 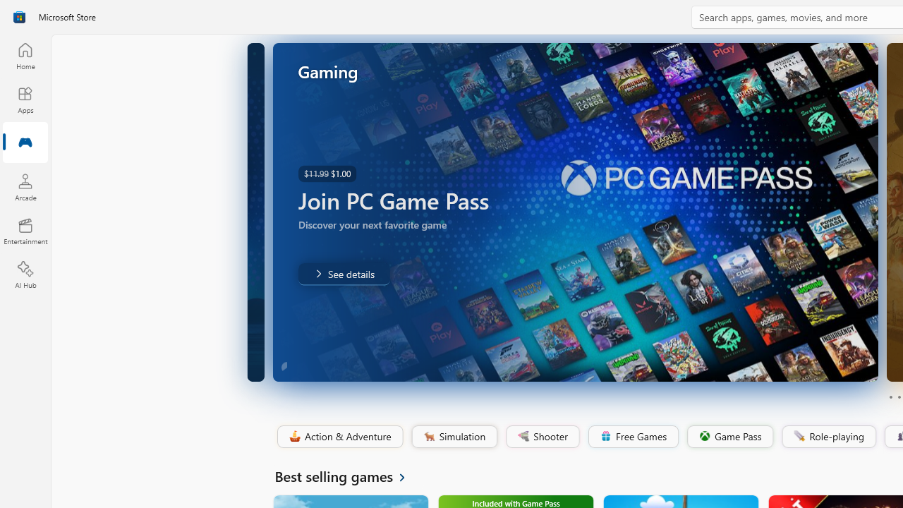 I want to click on 'Simulation', so click(x=454, y=436).